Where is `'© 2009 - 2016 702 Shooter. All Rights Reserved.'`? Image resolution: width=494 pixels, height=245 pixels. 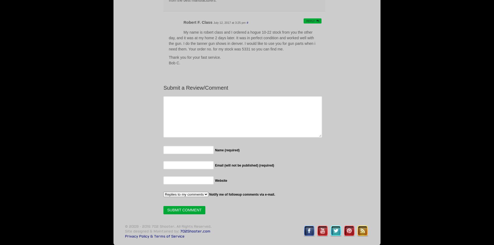
'© 2009 - 2016 702 Shooter. All Rights Reserved.' is located at coordinates (124, 226).